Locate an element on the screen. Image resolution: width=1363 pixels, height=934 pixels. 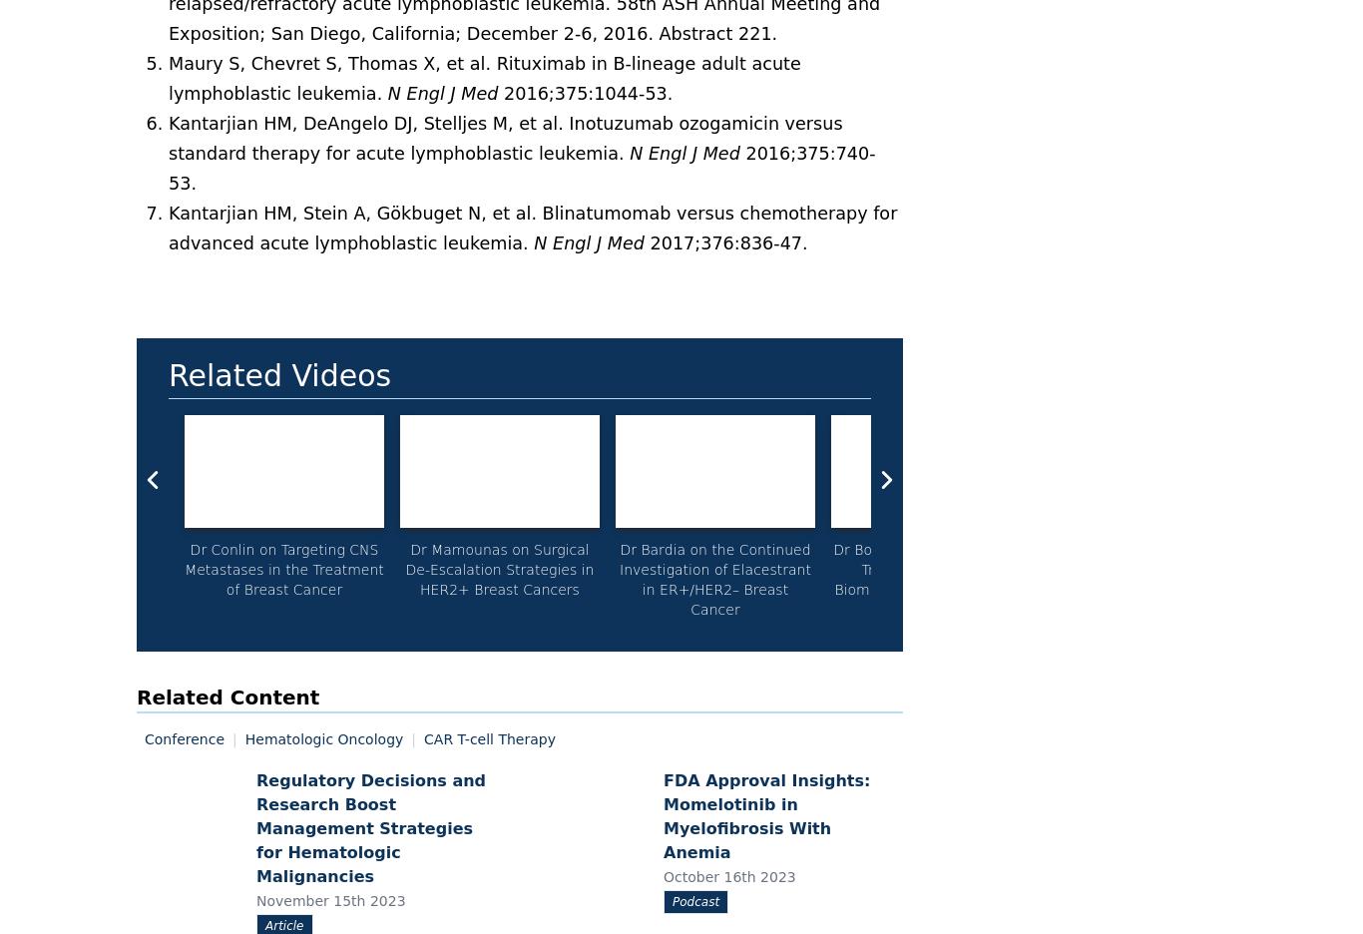
'October 16th 2023' is located at coordinates (728, 874).